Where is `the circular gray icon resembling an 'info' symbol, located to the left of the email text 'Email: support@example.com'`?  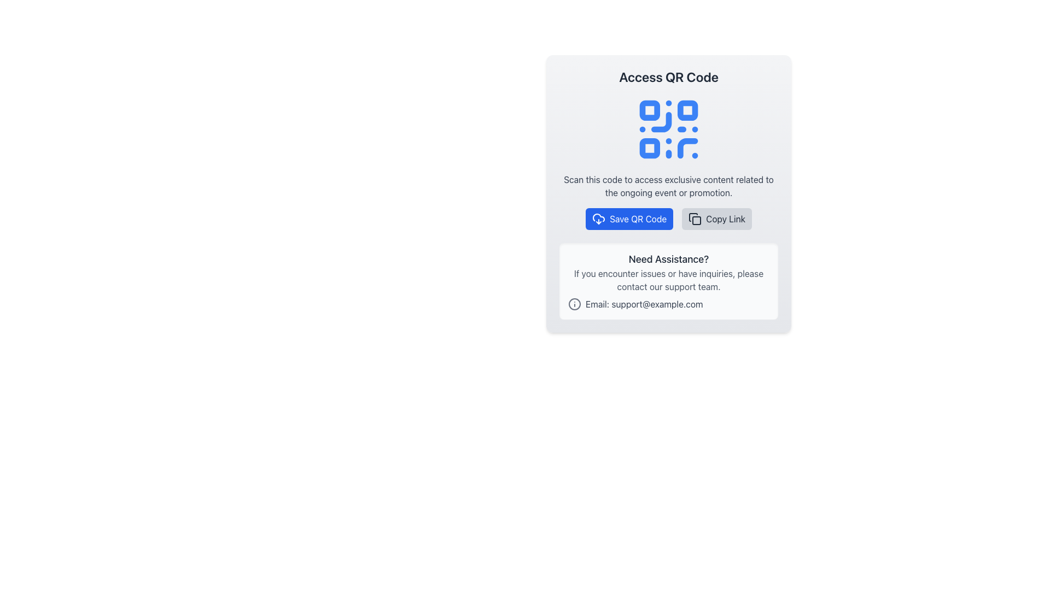 the circular gray icon resembling an 'info' symbol, located to the left of the email text 'Email: support@example.com' is located at coordinates (574, 304).